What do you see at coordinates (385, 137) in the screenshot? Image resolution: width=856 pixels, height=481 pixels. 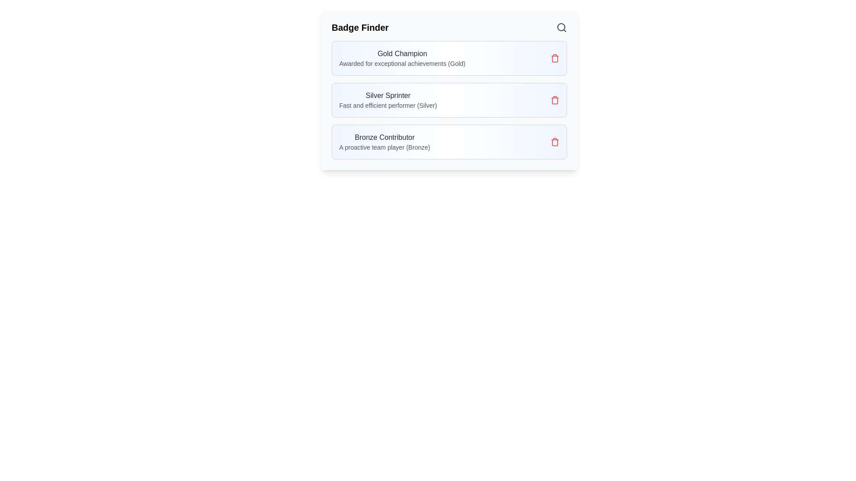 I see `the text label which serves as the title for the third card in a vertically stacked list of cards` at bounding box center [385, 137].